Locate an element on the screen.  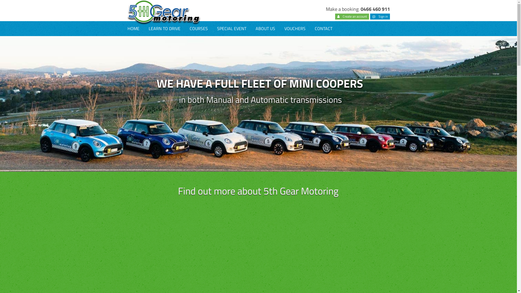
'VOUCHERS' is located at coordinates (294, 28).